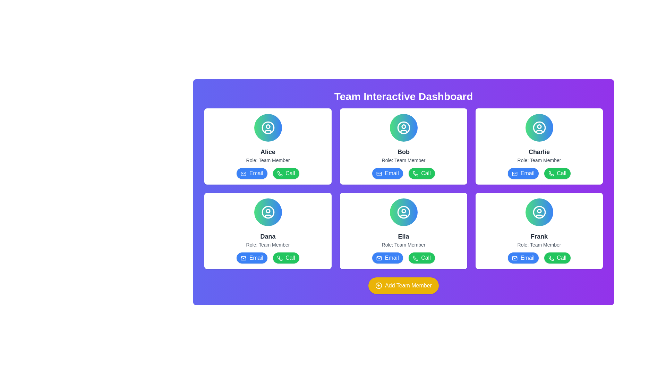 This screenshot has width=666, height=374. Describe the element at coordinates (379, 173) in the screenshot. I see `the light blue envelope icon within the 'Email' button located under 'Bob'` at that location.